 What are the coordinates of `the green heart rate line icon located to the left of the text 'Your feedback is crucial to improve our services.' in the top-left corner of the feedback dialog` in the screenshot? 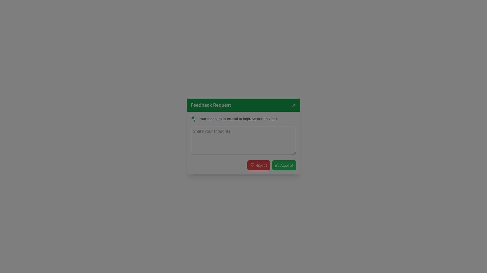 It's located at (193, 119).